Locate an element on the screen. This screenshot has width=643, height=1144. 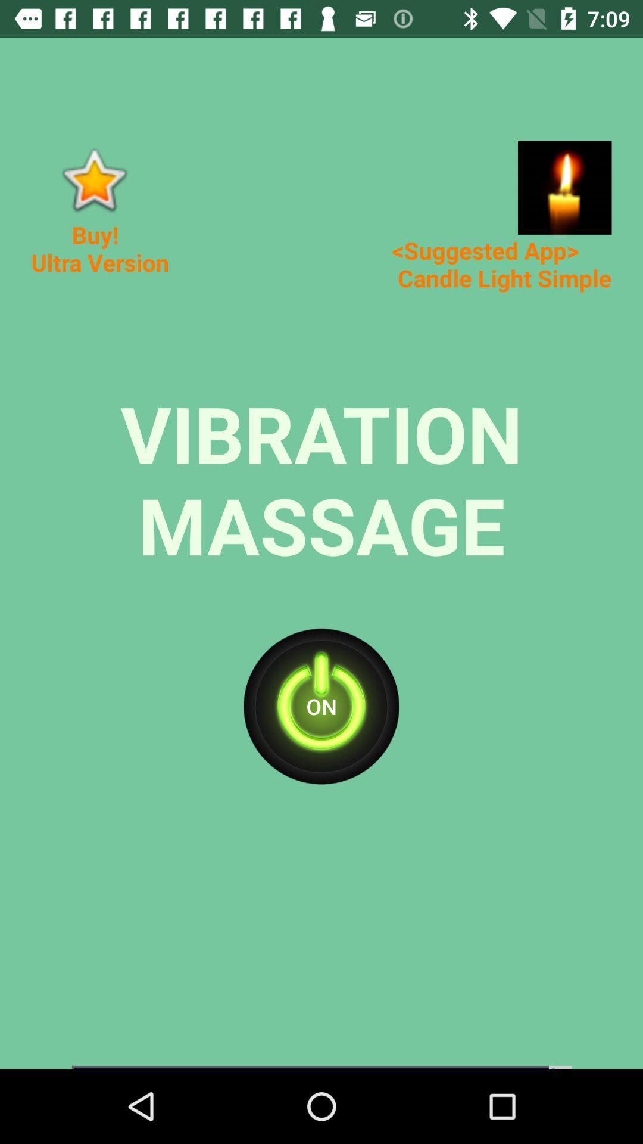
the star icon is located at coordinates (93, 179).